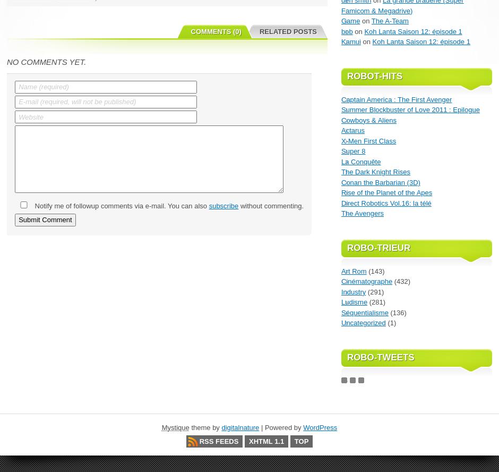 This screenshot has height=472, width=499. I want to click on 'Kamui', so click(351, 41).